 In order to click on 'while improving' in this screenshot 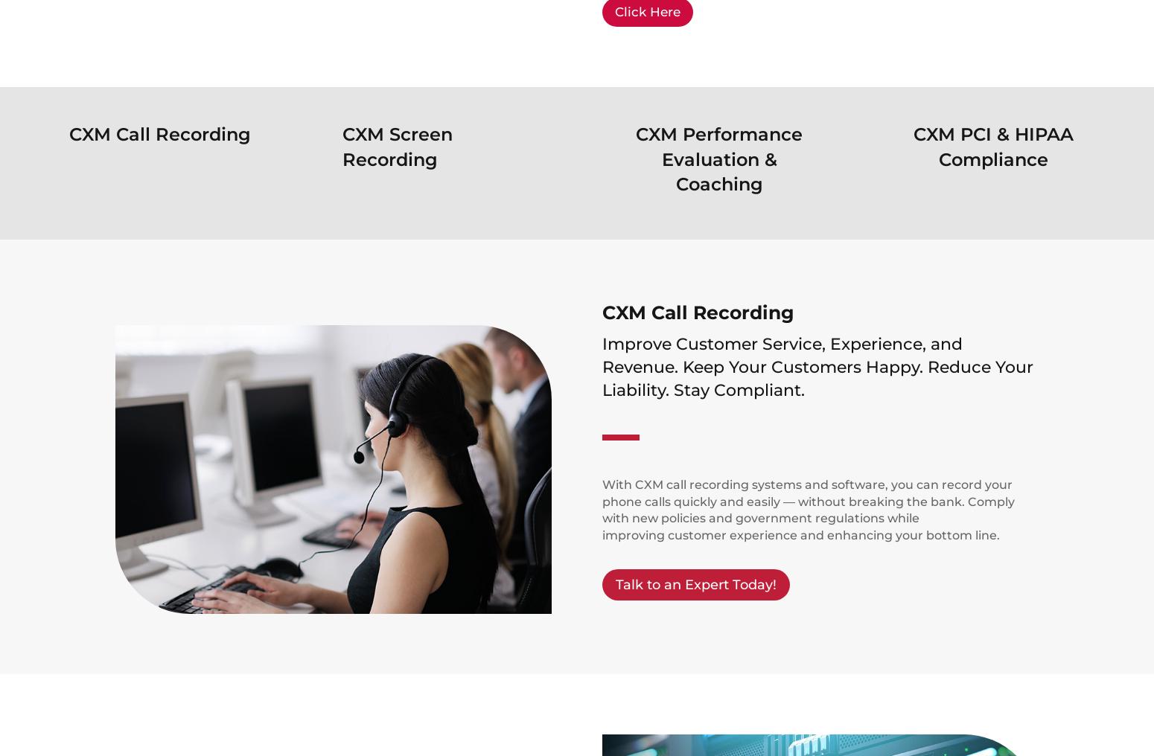, I will do `click(601, 526)`.